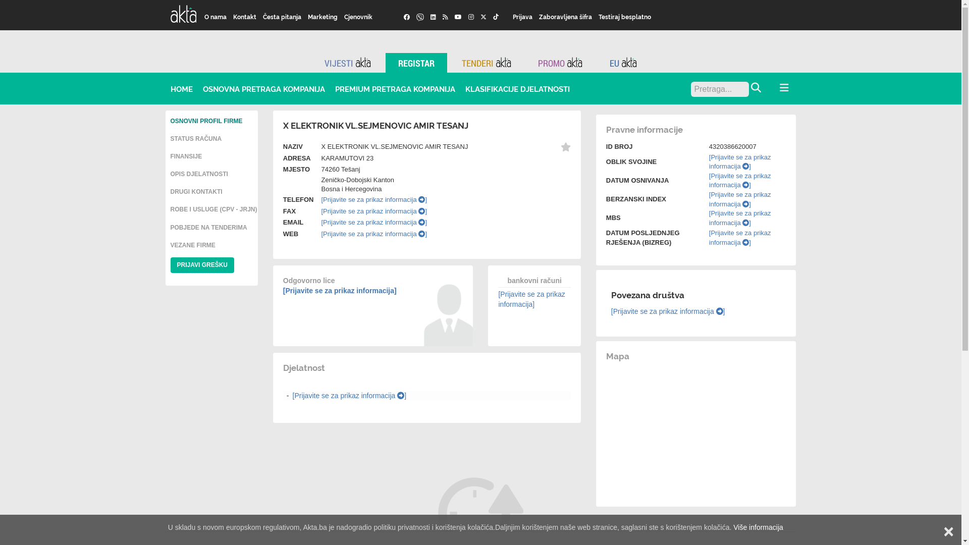 The height and width of the screenshot is (545, 969). What do you see at coordinates (230, 17) in the screenshot?
I see `'Kontakt'` at bounding box center [230, 17].